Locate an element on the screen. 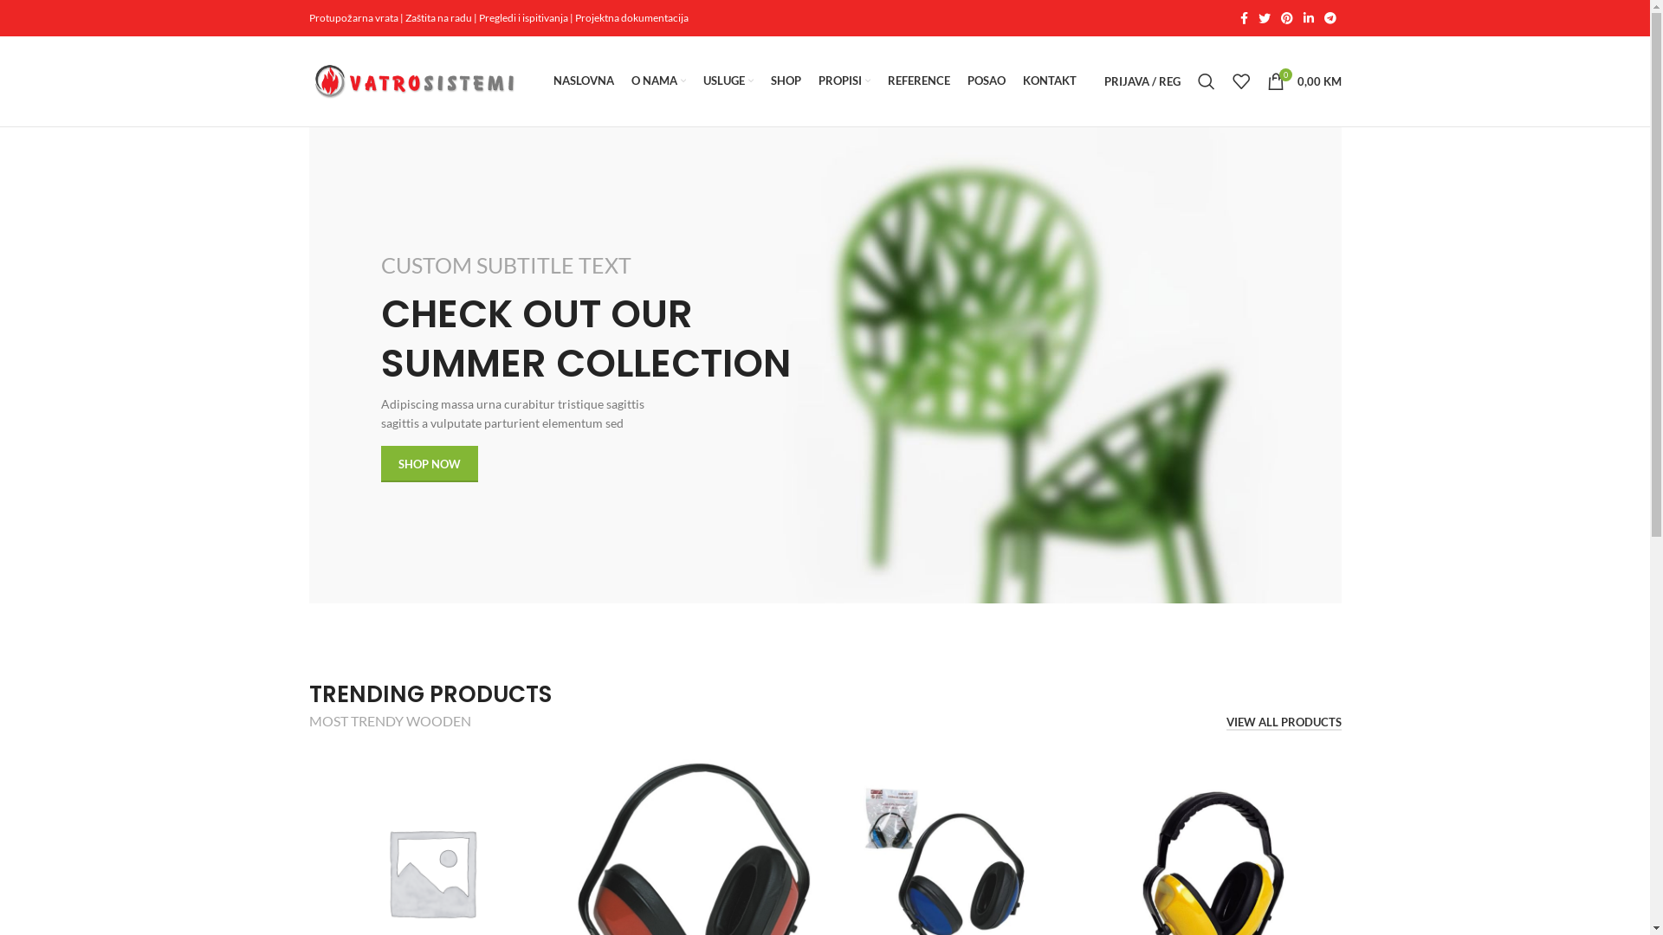 Image resolution: width=1663 pixels, height=935 pixels. 'O NAMA' is located at coordinates (630, 81).